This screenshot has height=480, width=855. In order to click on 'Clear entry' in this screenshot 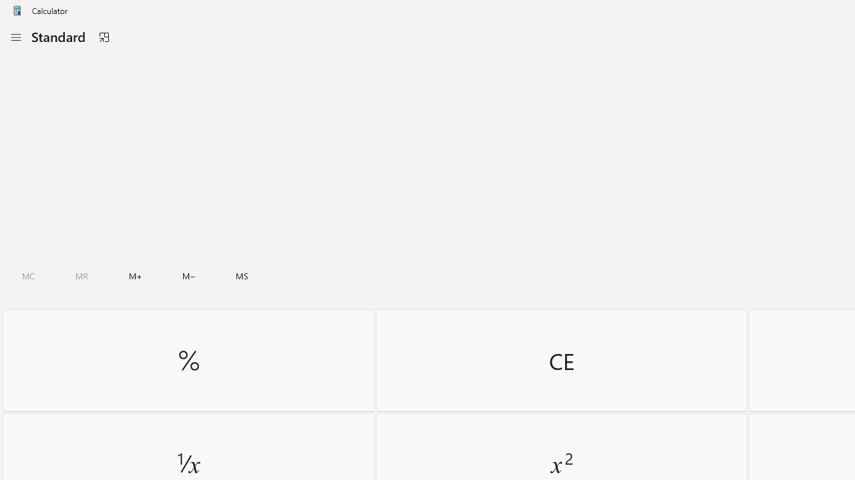, I will do `click(561, 360)`.